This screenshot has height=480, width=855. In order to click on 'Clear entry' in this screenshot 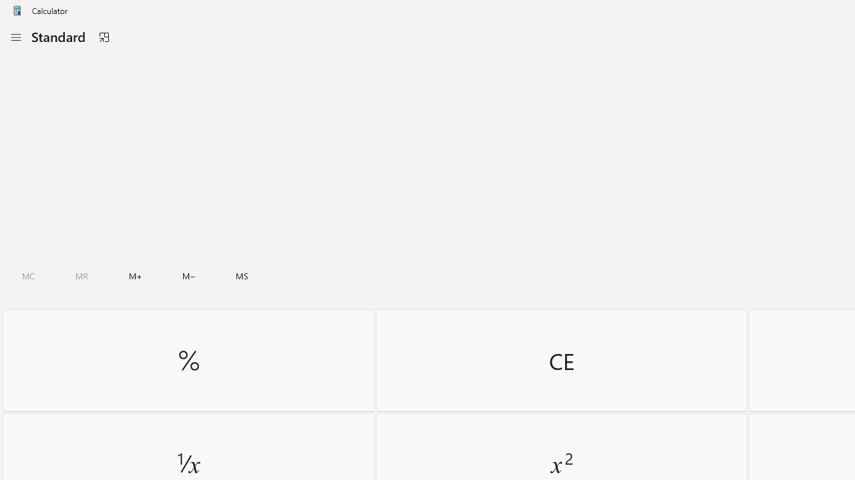, I will do `click(561, 360)`.